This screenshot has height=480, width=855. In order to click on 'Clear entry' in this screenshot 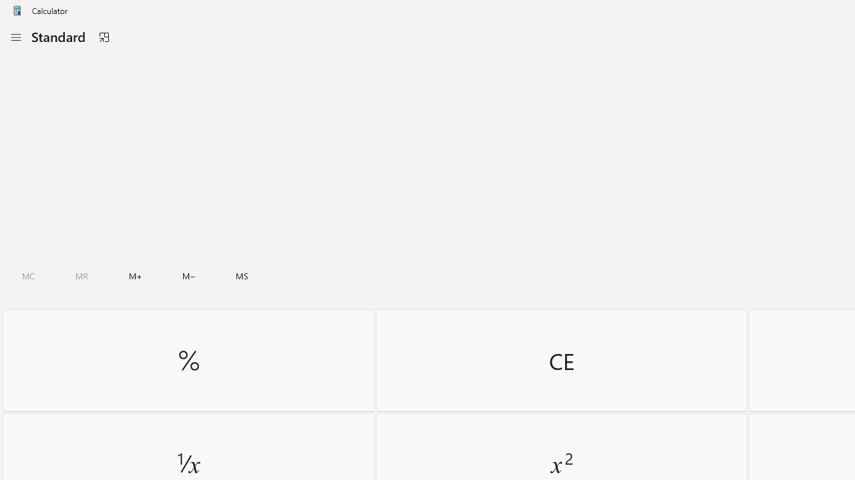, I will do `click(561, 360)`.